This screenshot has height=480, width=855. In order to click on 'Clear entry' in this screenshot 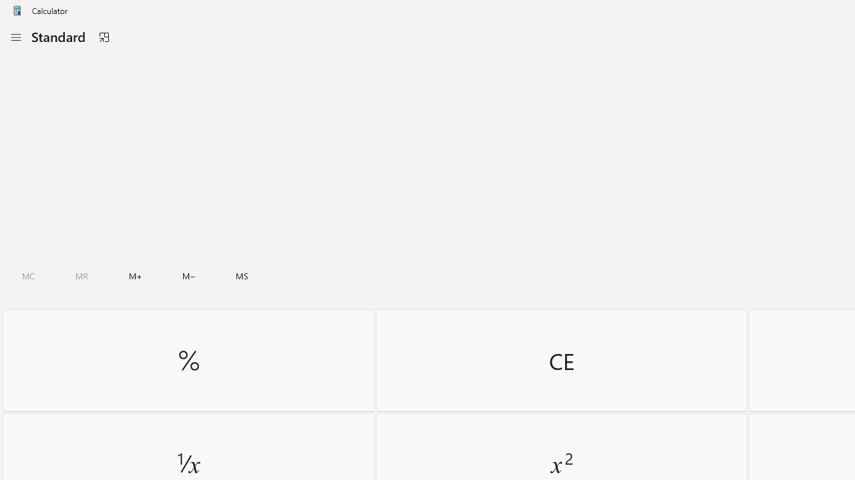, I will do `click(561, 360)`.